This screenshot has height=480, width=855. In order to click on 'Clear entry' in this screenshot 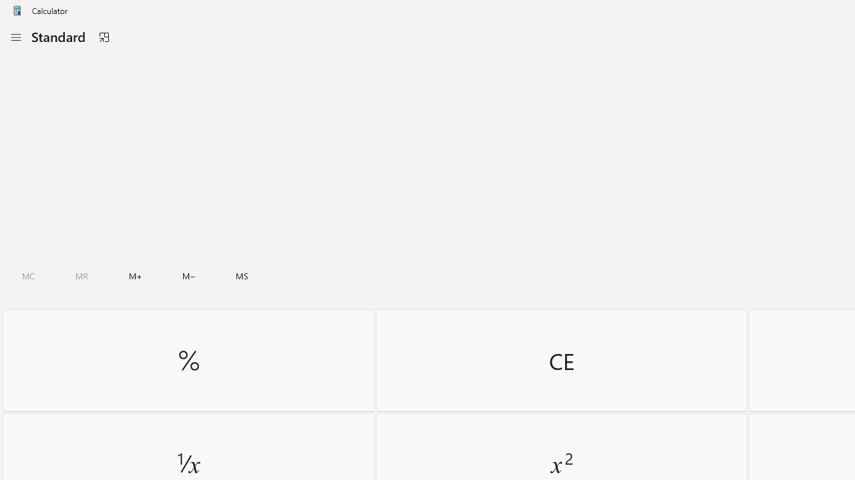, I will do `click(561, 360)`.